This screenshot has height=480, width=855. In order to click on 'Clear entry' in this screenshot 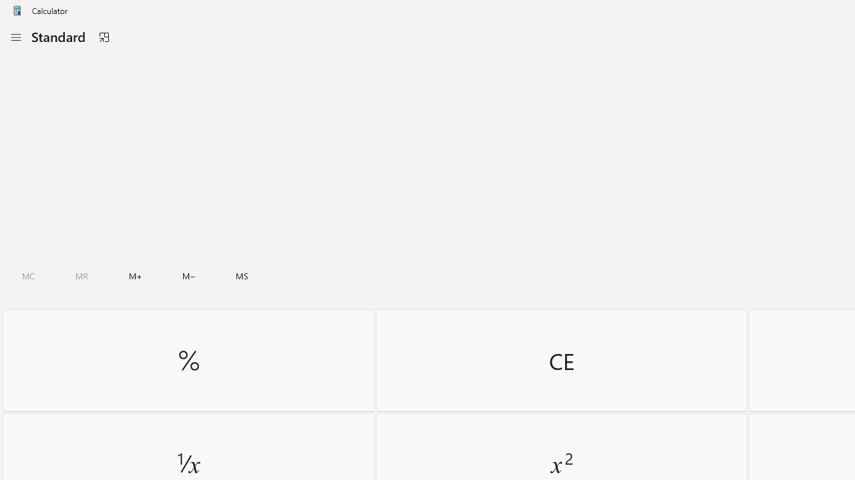, I will do `click(561, 360)`.